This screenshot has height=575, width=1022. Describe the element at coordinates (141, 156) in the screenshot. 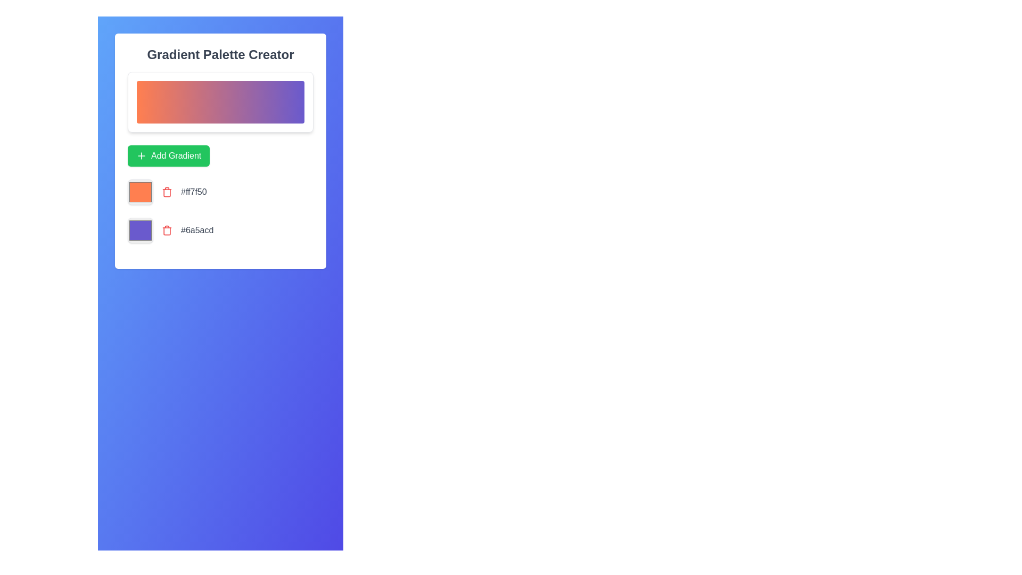

I see `the 'Add Gradient' green button, which contains the icon representing an 'add' action` at that location.